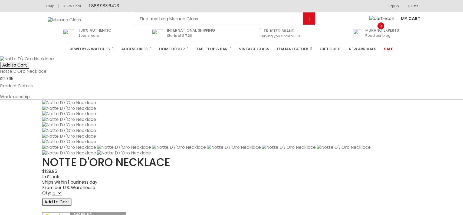 Image resolution: width=463 pixels, height=215 pixels. What do you see at coordinates (44, 102) in the screenshot?
I see `'Add to Cart'` at bounding box center [44, 102].